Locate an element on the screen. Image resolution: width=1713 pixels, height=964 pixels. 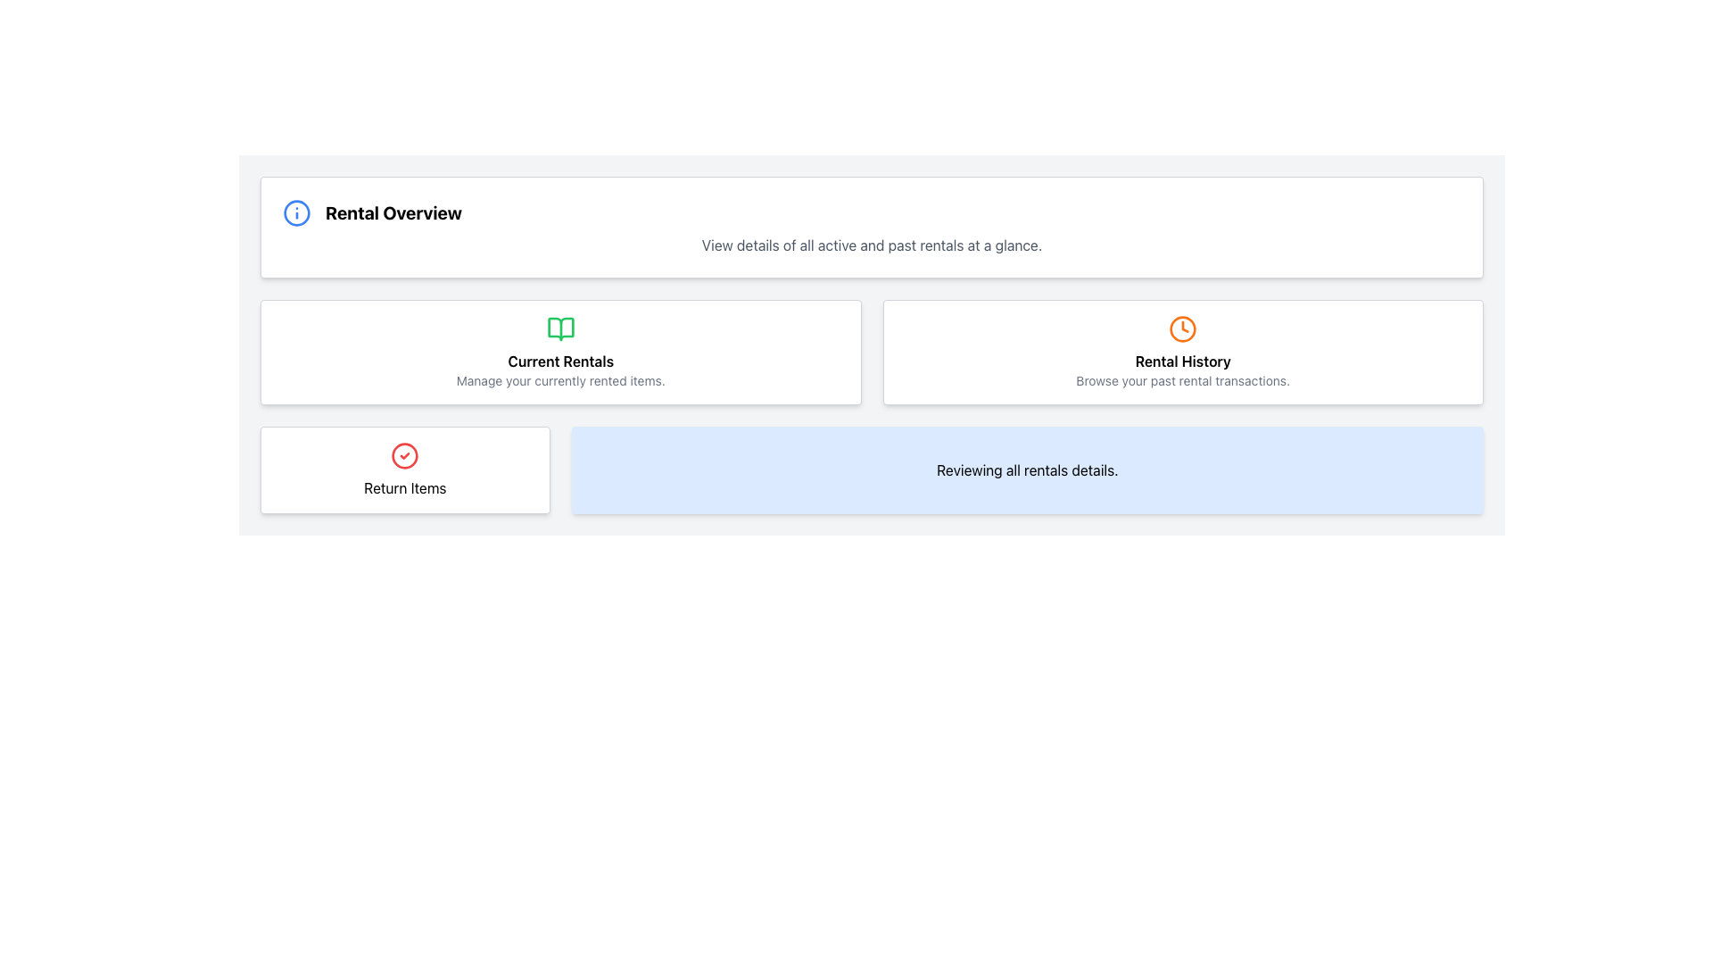
'Rental Overview' text label located to the right of the blue circular icon with an 'i', which serves as a section title for rental information is located at coordinates (393, 212).